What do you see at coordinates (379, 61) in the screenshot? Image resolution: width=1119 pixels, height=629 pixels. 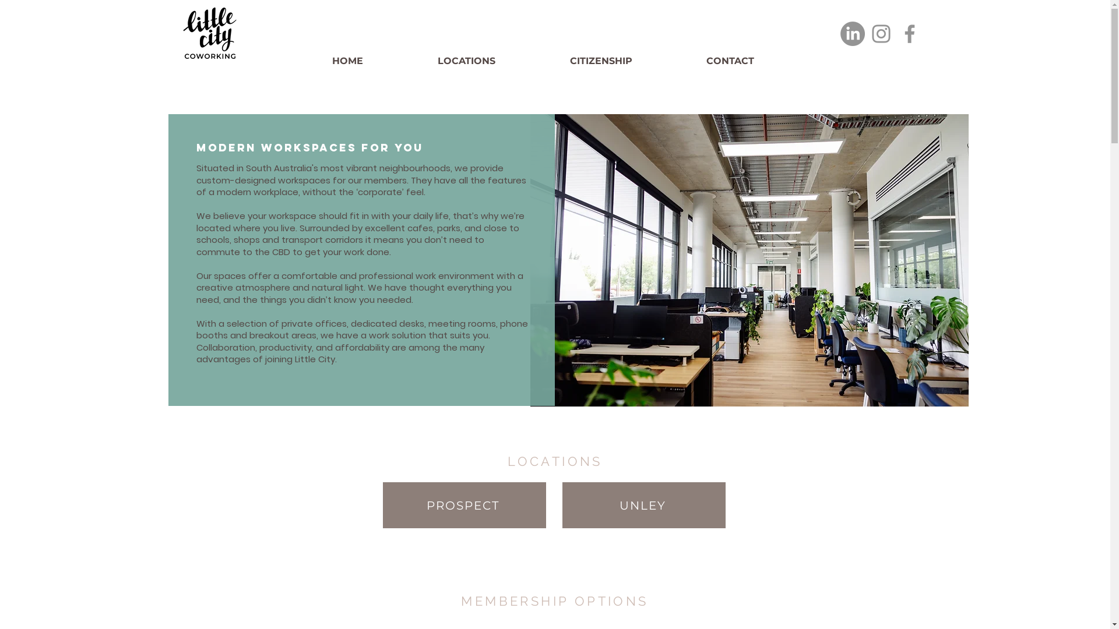 I see `'HOME'` at bounding box center [379, 61].